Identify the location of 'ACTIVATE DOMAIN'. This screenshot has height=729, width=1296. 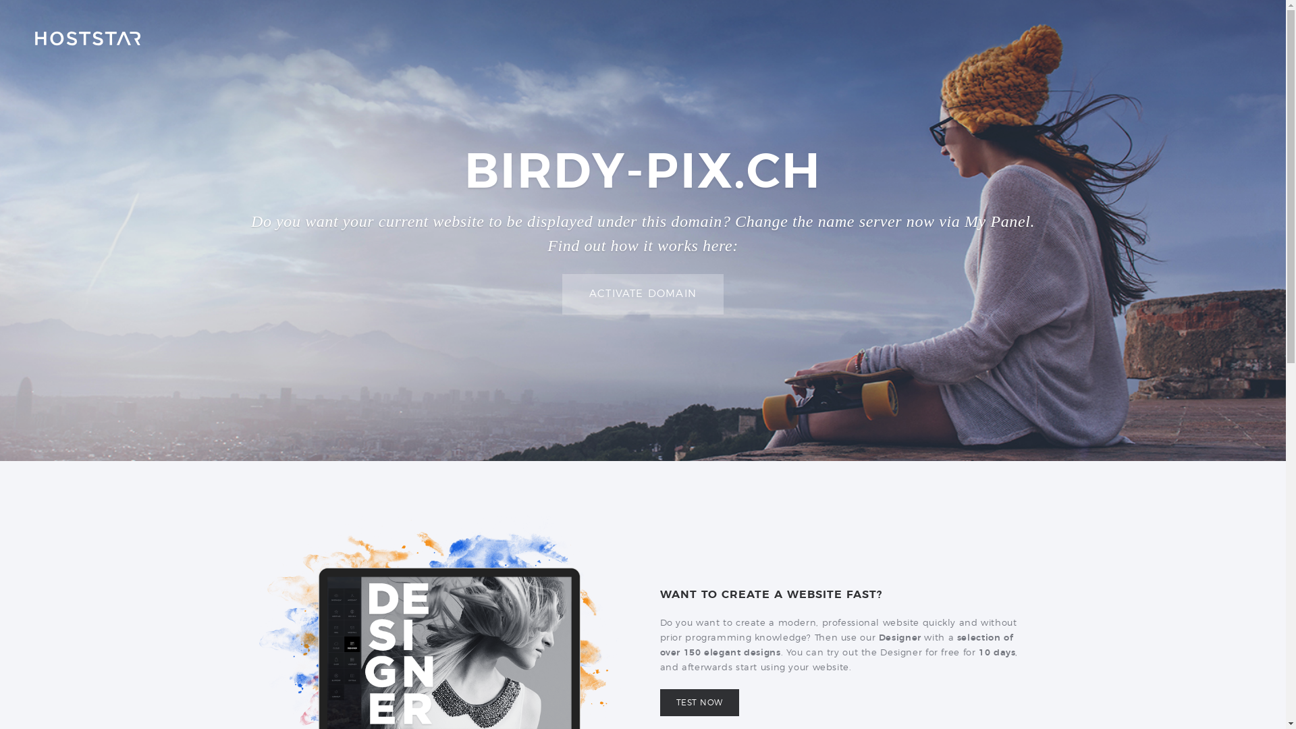
(642, 293).